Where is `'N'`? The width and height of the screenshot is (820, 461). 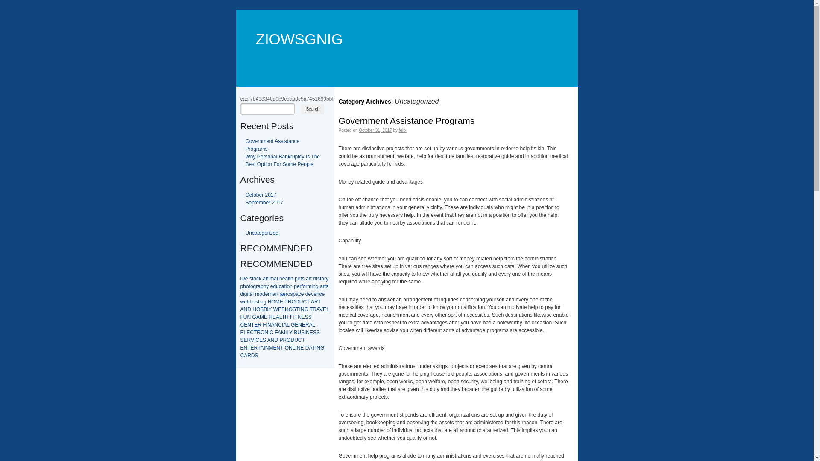 'N' is located at coordinates (272, 340).